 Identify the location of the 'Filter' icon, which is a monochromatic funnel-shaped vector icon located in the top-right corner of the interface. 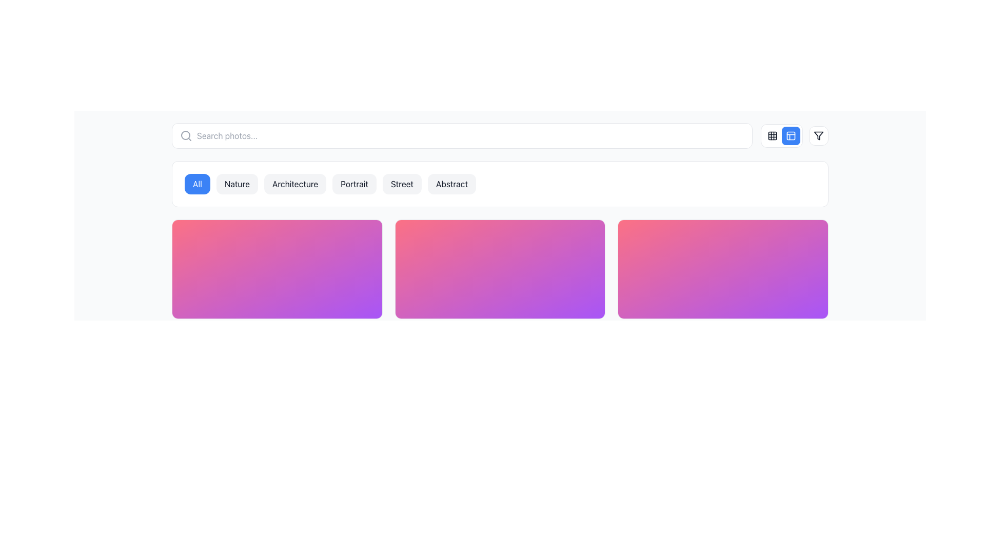
(818, 135).